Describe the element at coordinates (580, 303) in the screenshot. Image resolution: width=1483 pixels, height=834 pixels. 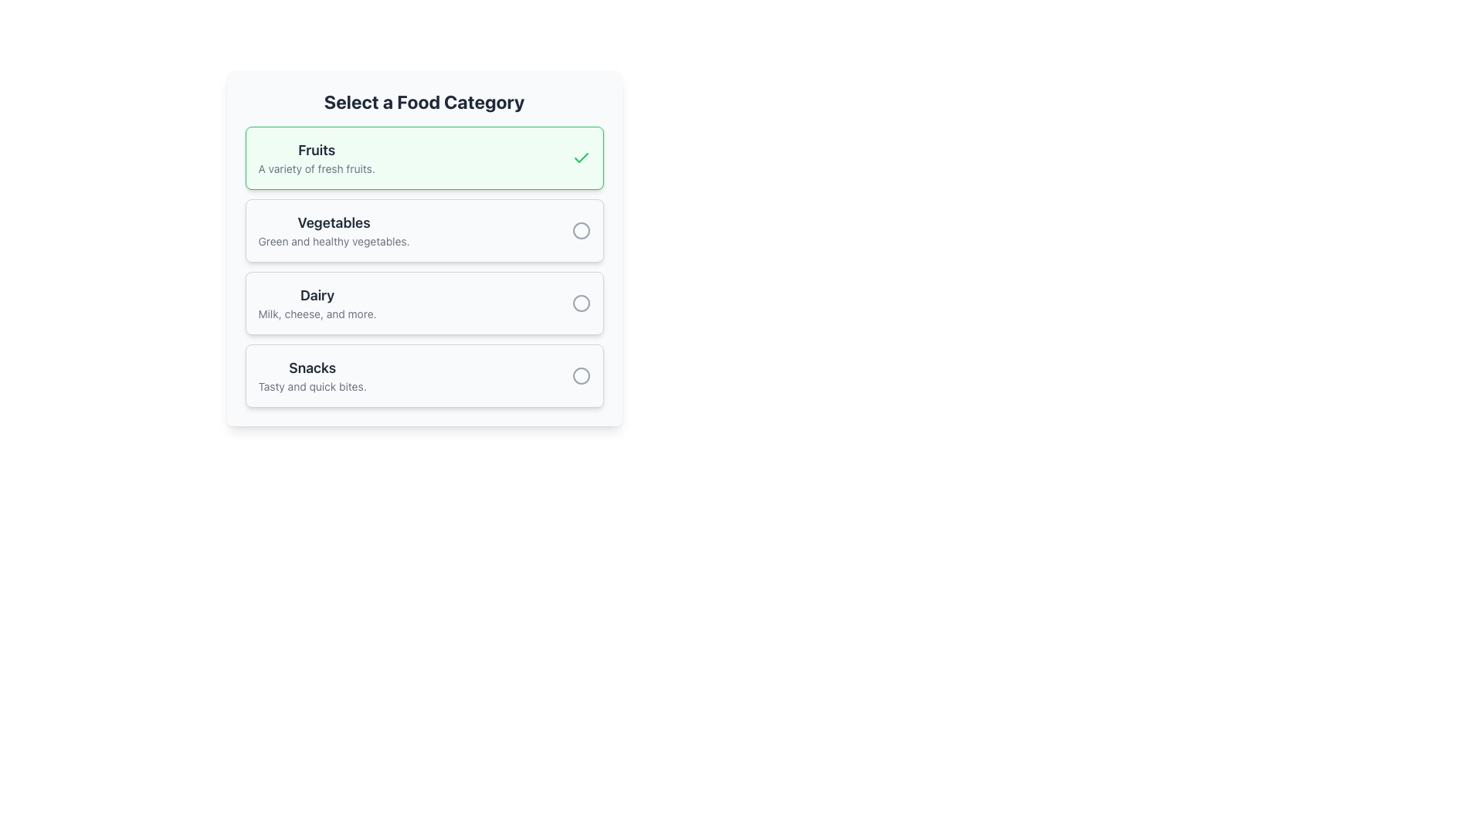
I see `the 'Dairy' radio button` at that location.